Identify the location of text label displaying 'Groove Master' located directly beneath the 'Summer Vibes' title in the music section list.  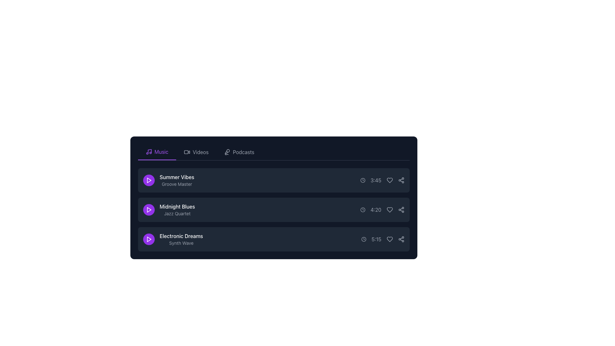
(177, 184).